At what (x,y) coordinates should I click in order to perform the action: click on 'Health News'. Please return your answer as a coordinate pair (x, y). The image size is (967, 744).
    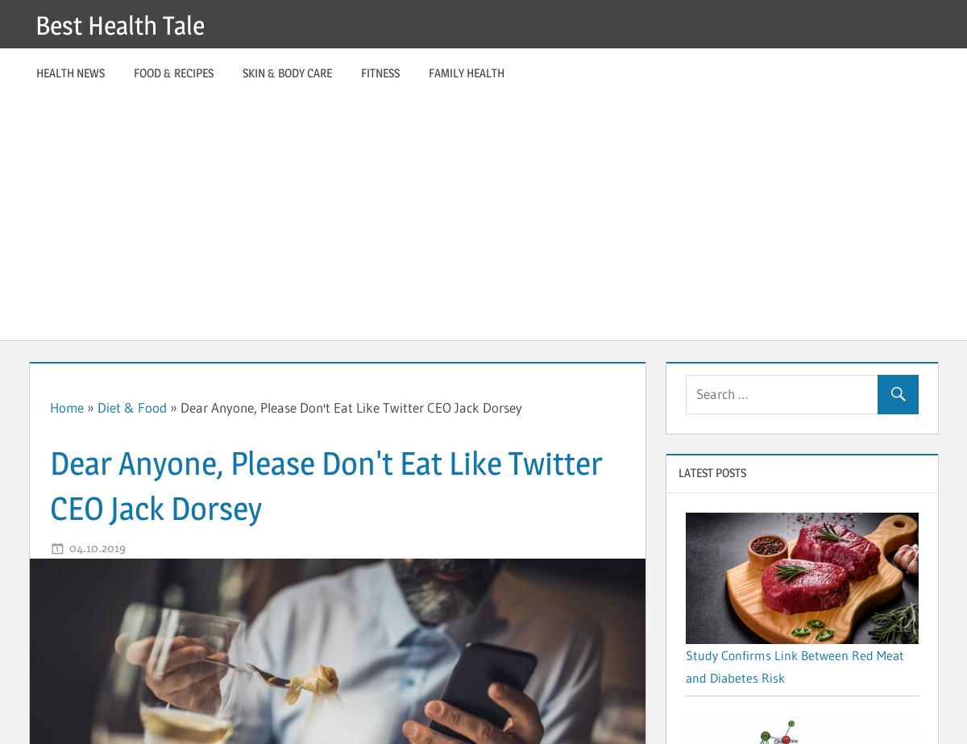
    Looking at the image, I should click on (36, 73).